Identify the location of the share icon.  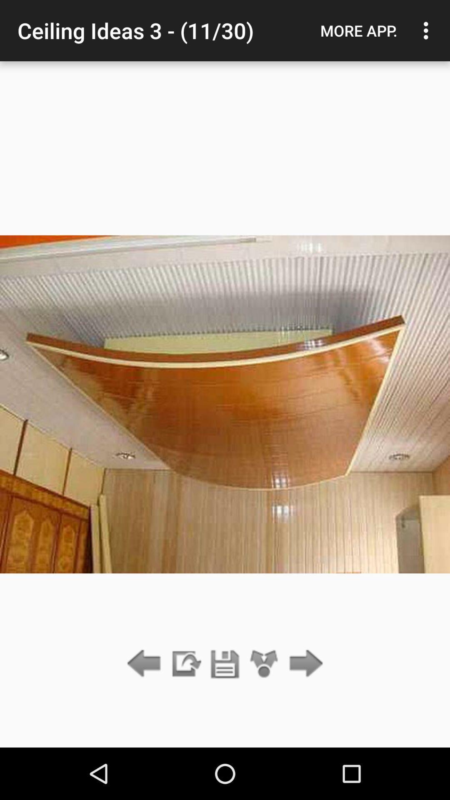
(264, 664).